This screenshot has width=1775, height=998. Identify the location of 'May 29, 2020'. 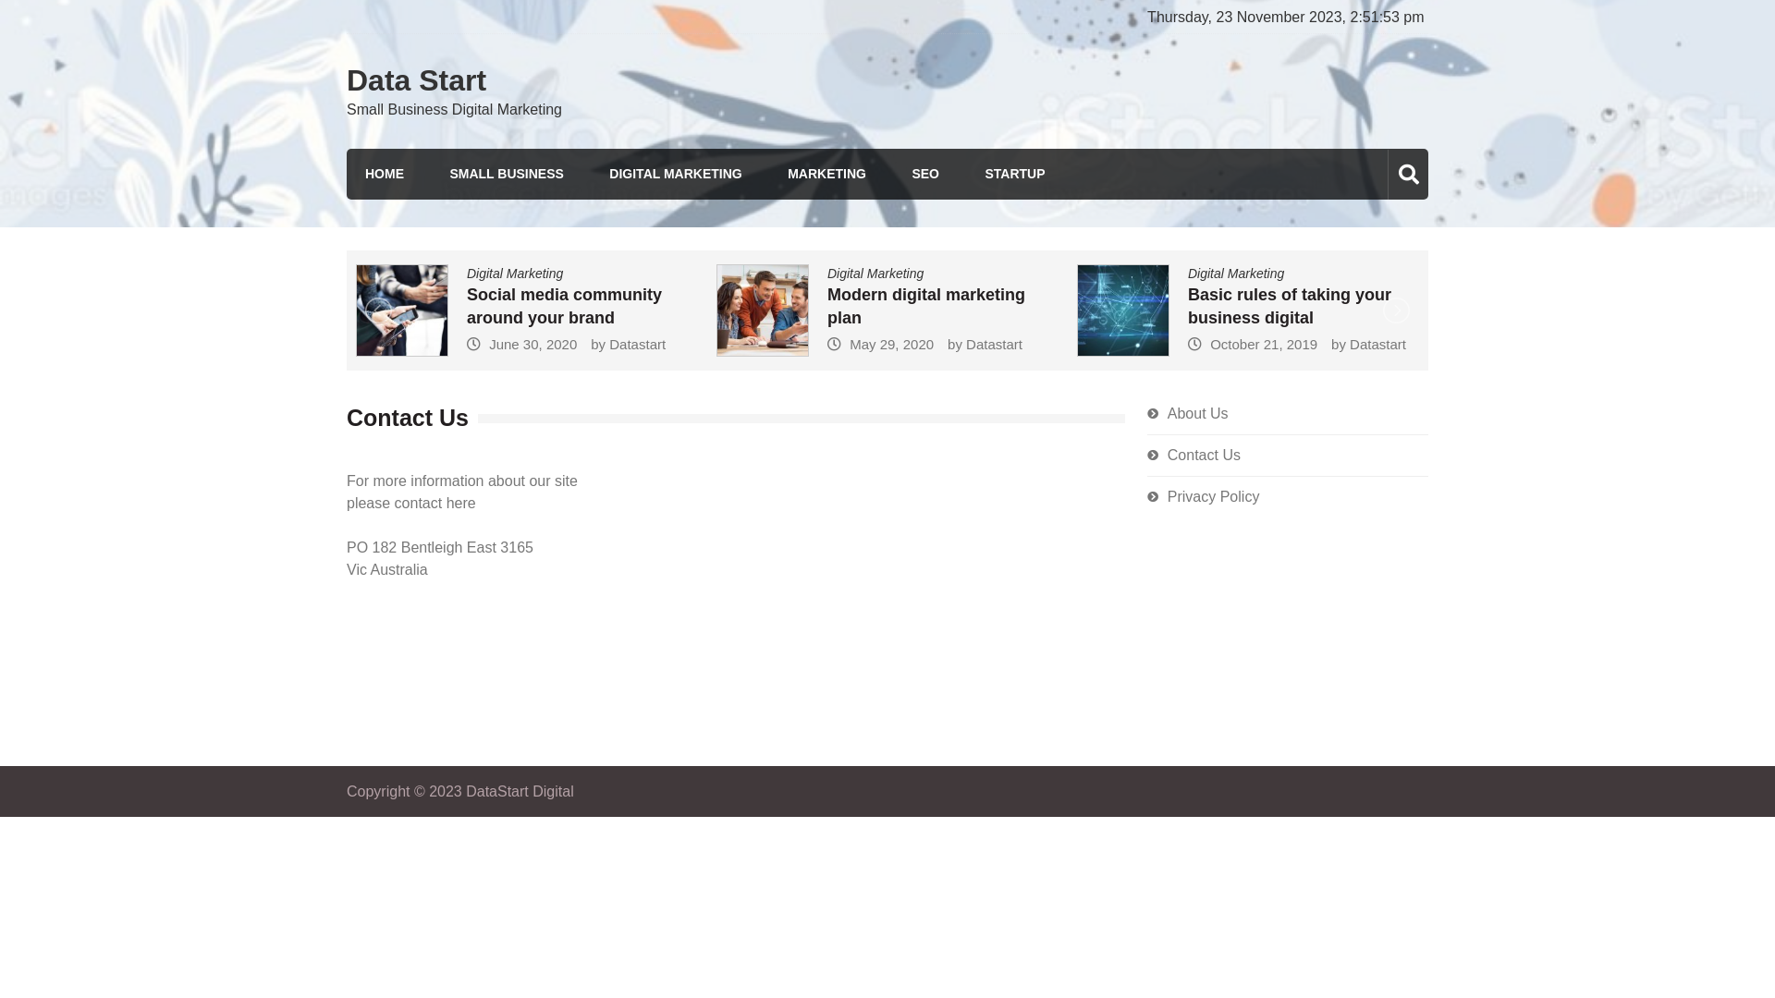
(961, 344).